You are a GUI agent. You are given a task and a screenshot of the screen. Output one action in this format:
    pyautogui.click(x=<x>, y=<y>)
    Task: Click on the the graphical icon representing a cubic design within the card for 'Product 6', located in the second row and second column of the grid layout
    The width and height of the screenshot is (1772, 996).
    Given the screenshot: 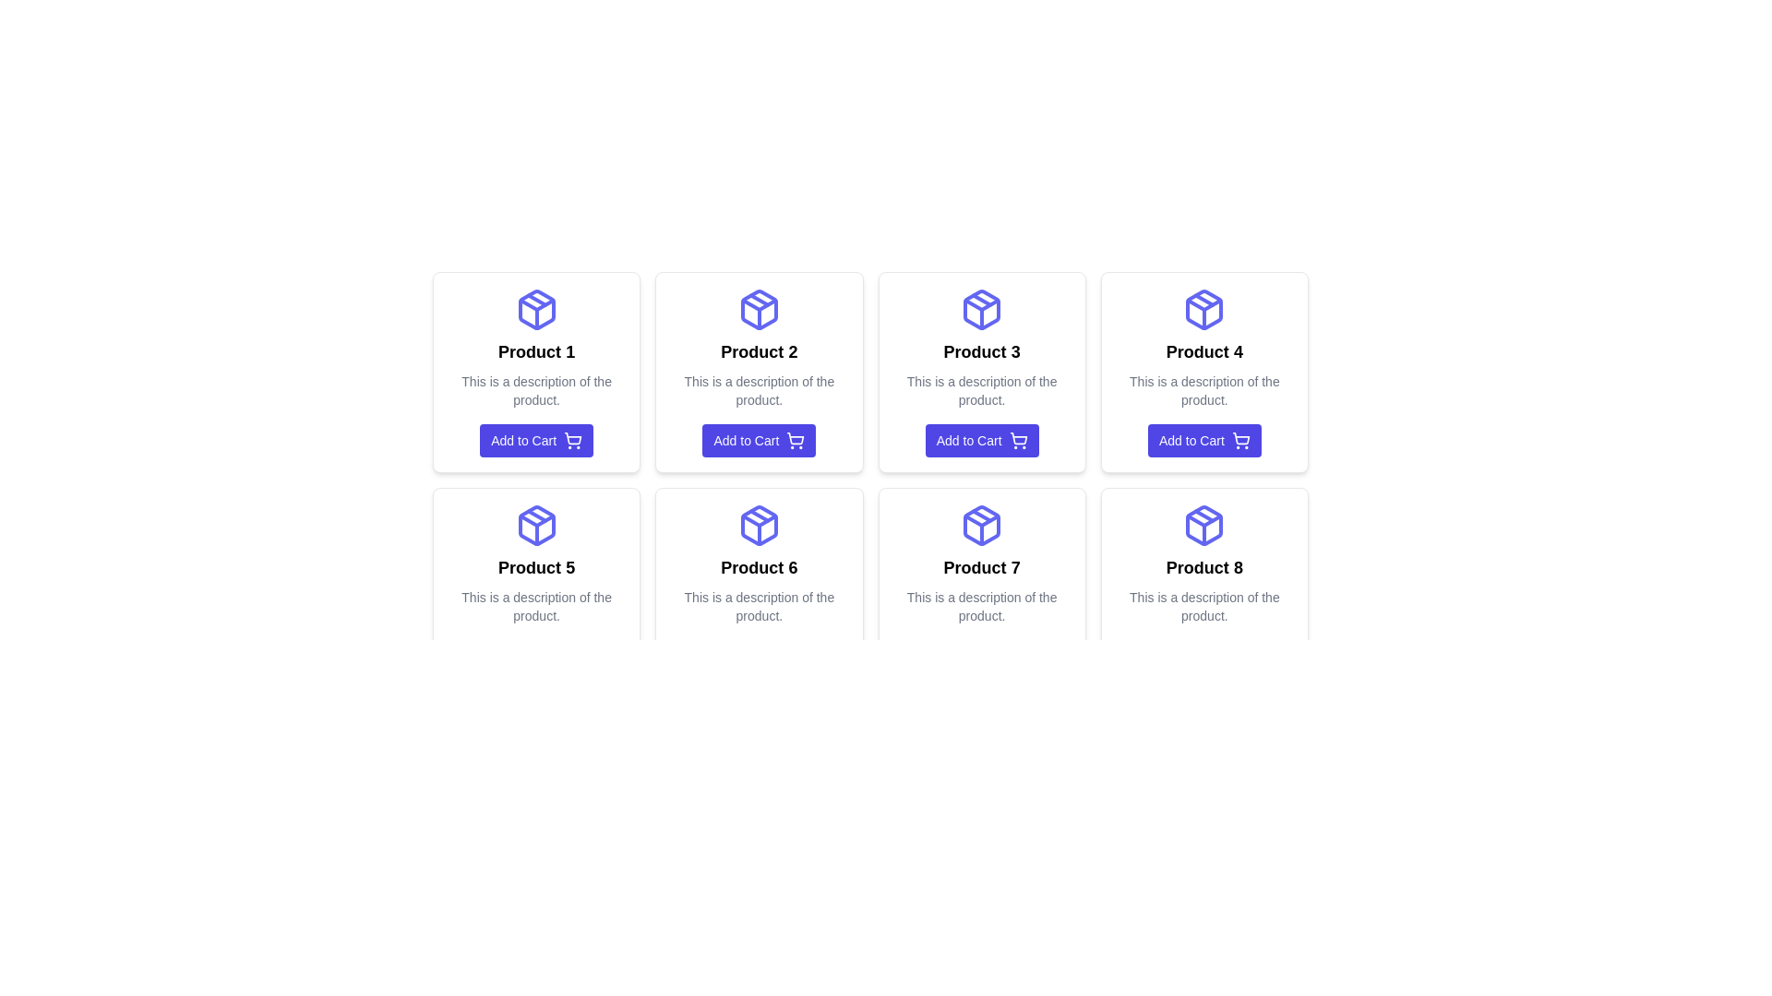 What is the action you would take?
    pyautogui.click(x=759, y=526)
    